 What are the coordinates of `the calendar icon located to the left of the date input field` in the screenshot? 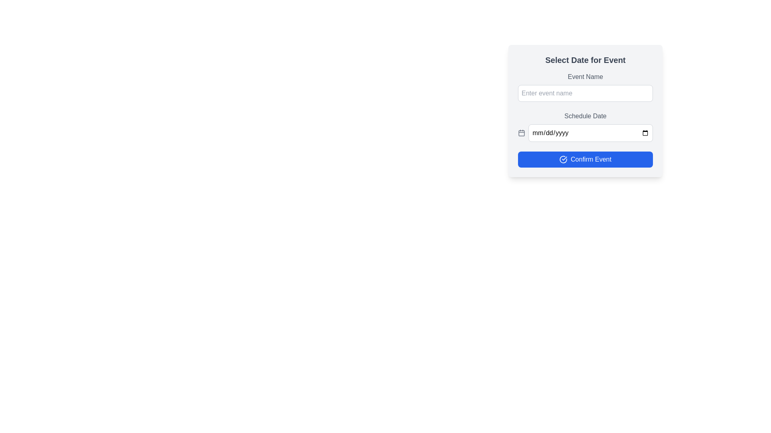 It's located at (522, 132).